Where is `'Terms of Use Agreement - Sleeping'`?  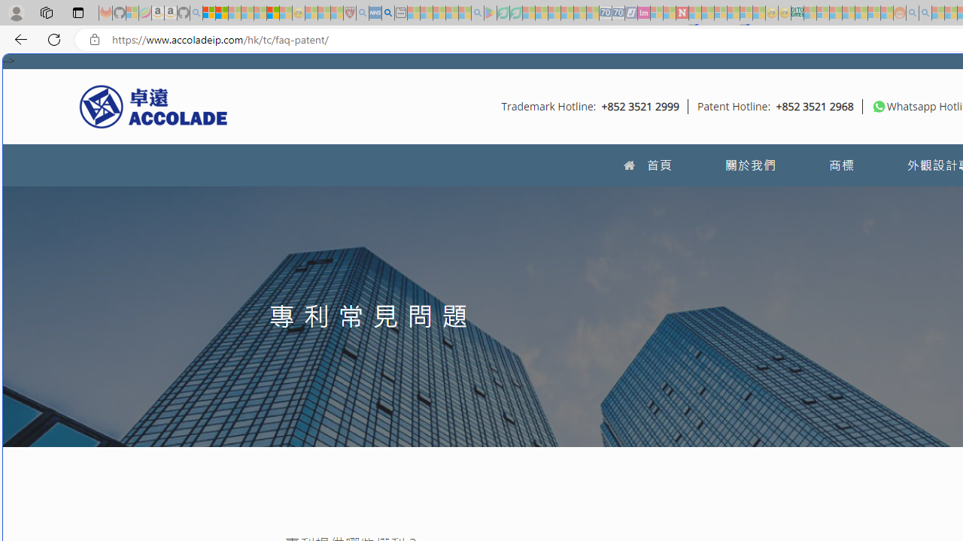 'Terms of Use Agreement - Sleeping' is located at coordinates (503, 13).